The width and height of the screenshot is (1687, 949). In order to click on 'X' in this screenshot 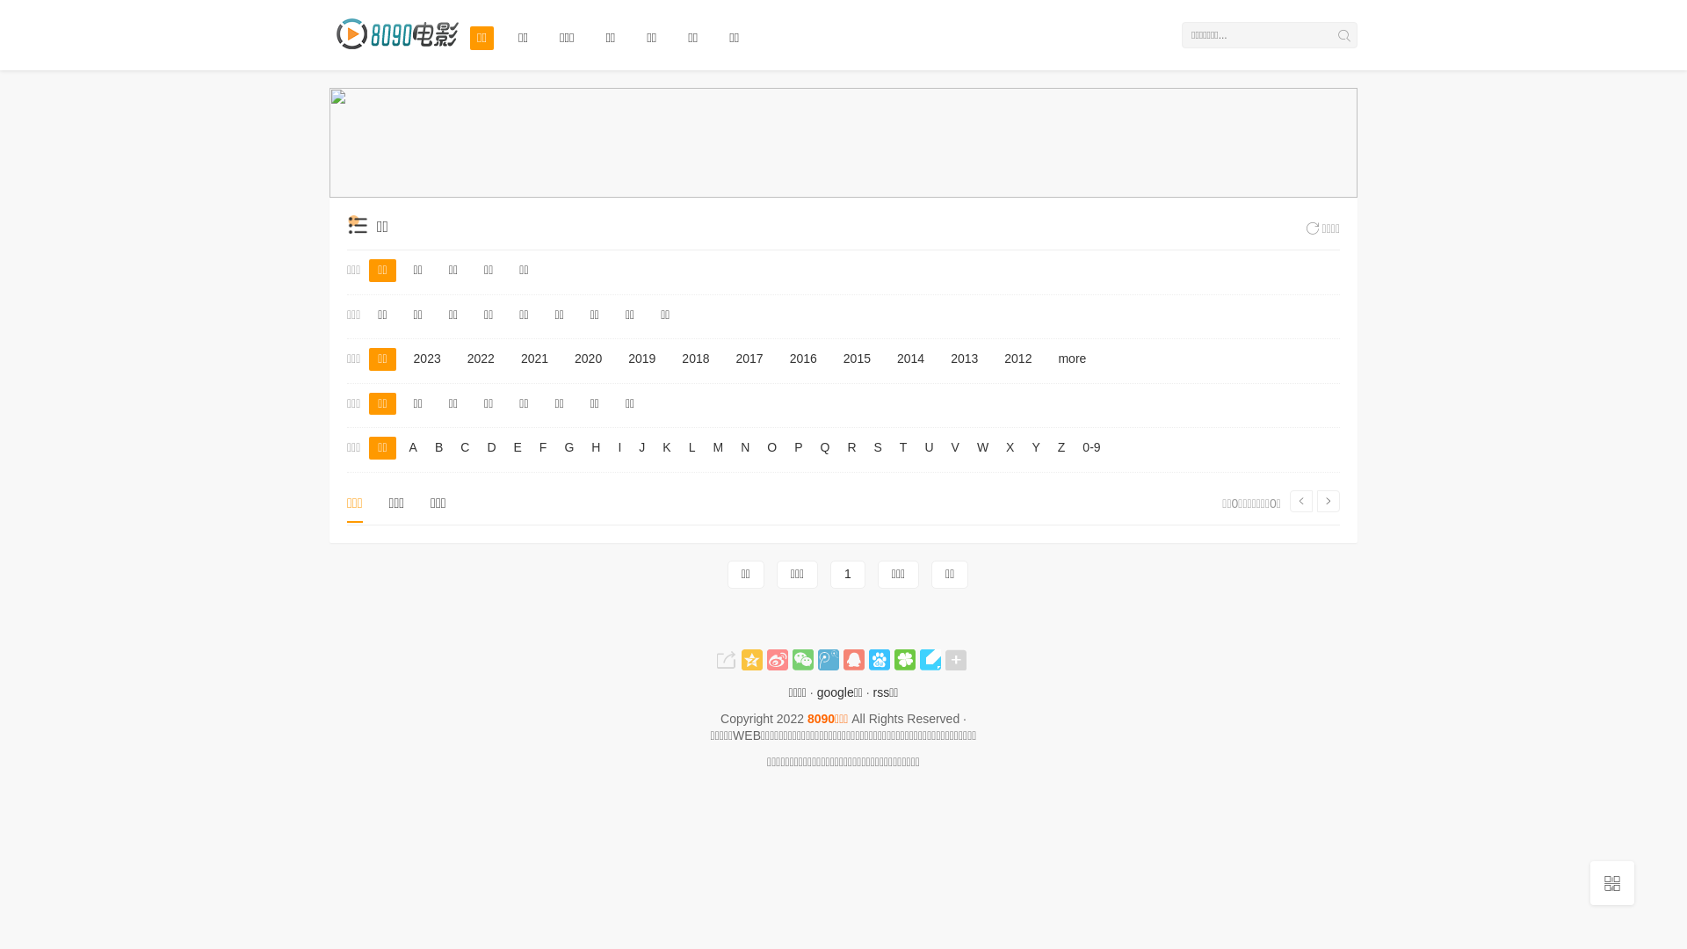, I will do `click(1010, 446)`.